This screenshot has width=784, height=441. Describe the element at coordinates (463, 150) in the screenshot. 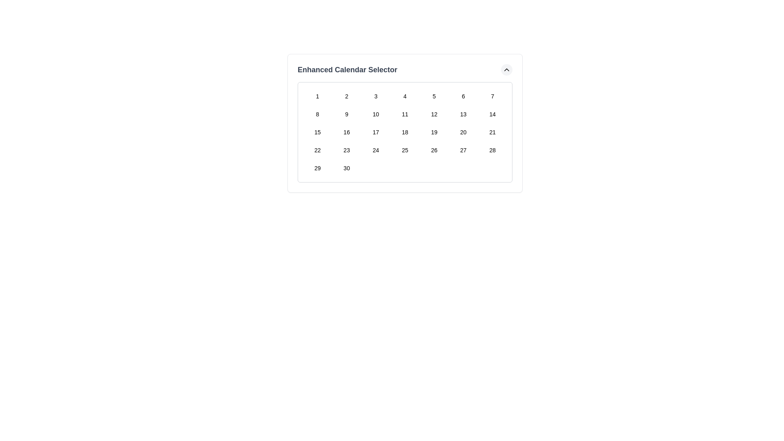

I see `the button representing the date '27' in the 'Enhanced Calendar Selector'` at that location.